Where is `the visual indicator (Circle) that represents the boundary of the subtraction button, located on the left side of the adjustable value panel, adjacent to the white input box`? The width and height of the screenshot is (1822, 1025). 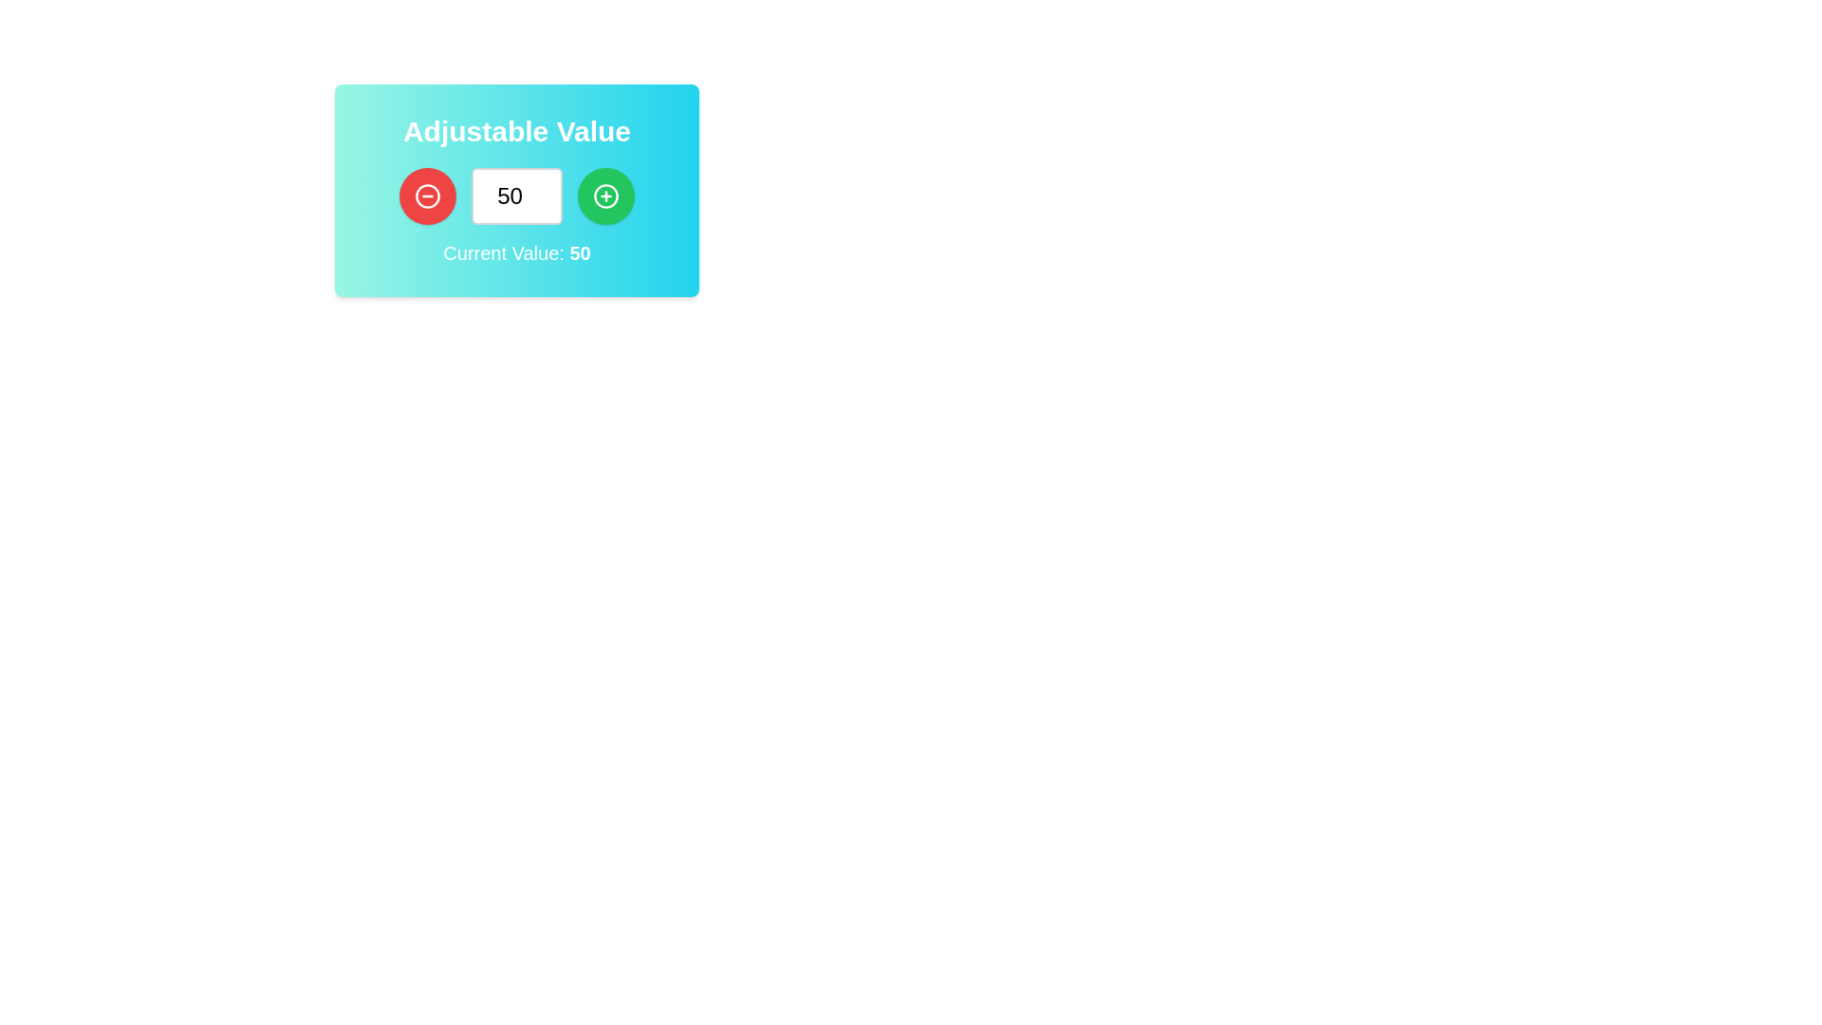
the visual indicator (Circle) that represents the boundary of the subtraction button, located on the left side of the adjustable value panel, adjacent to the white input box is located at coordinates (427, 196).